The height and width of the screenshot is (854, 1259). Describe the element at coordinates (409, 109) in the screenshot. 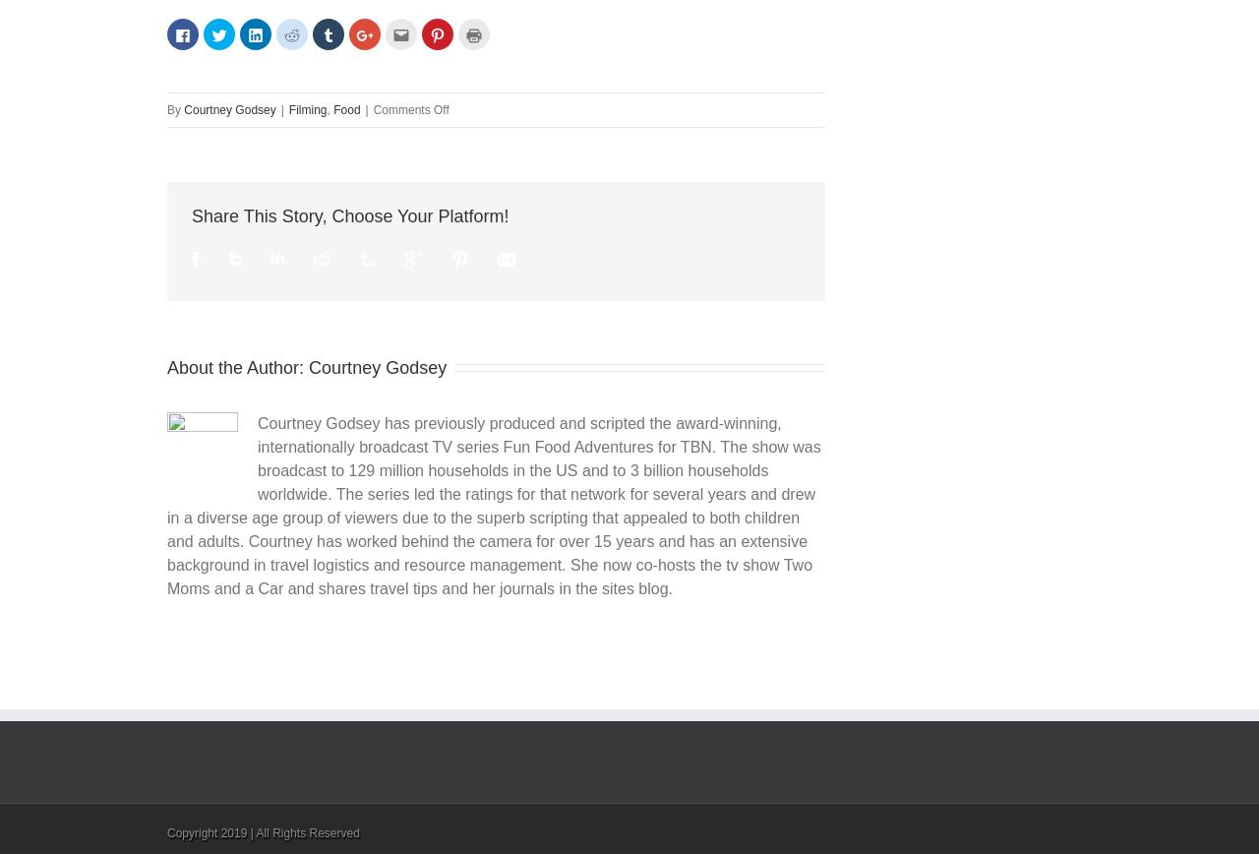

I see `'Comments Off'` at that location.